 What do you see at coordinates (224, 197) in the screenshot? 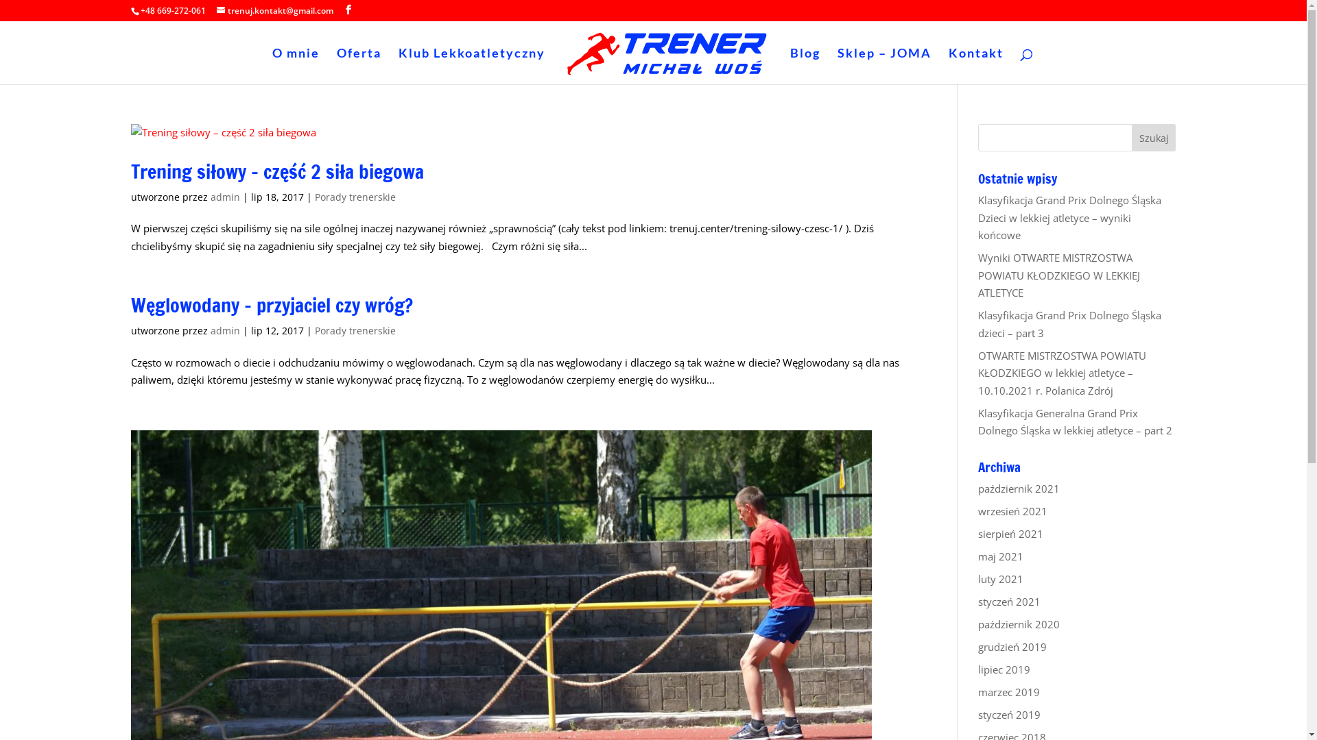
I see `'admin'` at bounding box center [224, 197].